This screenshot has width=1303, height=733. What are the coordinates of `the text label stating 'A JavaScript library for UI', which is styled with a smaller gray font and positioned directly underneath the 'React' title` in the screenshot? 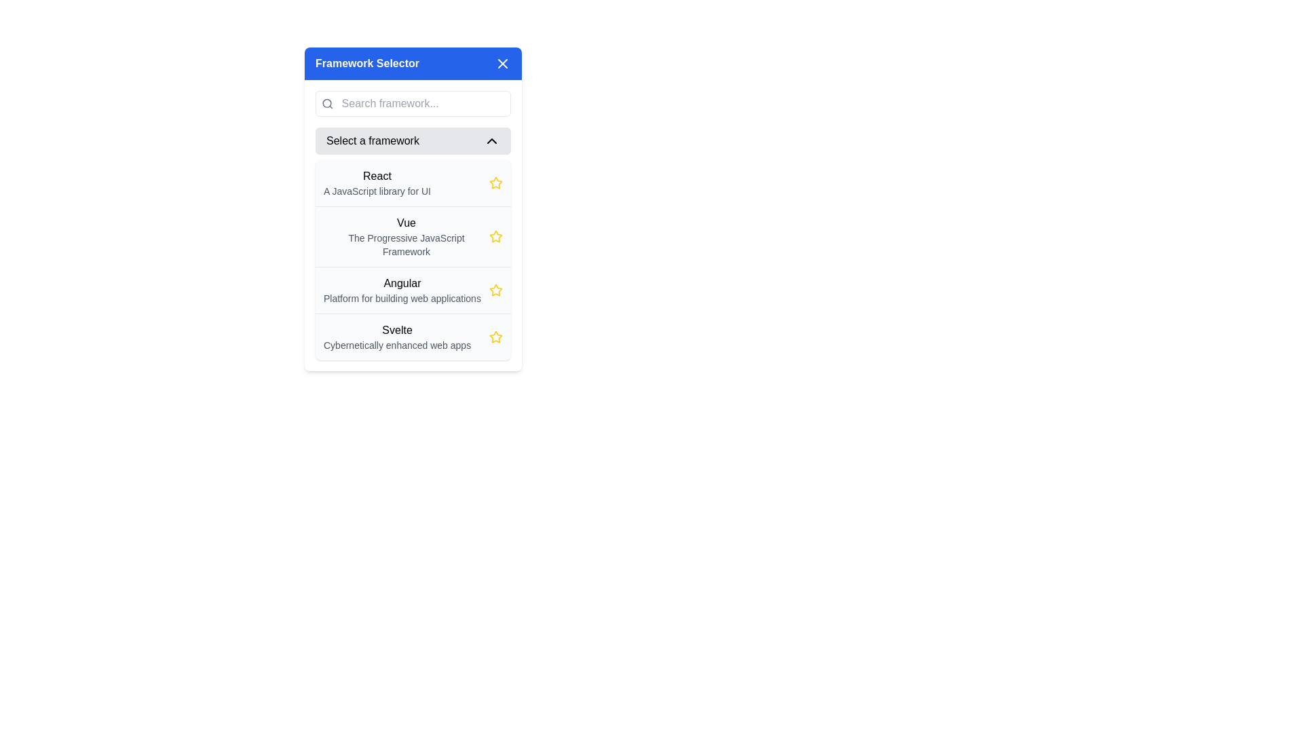 It's located at (377, 191).